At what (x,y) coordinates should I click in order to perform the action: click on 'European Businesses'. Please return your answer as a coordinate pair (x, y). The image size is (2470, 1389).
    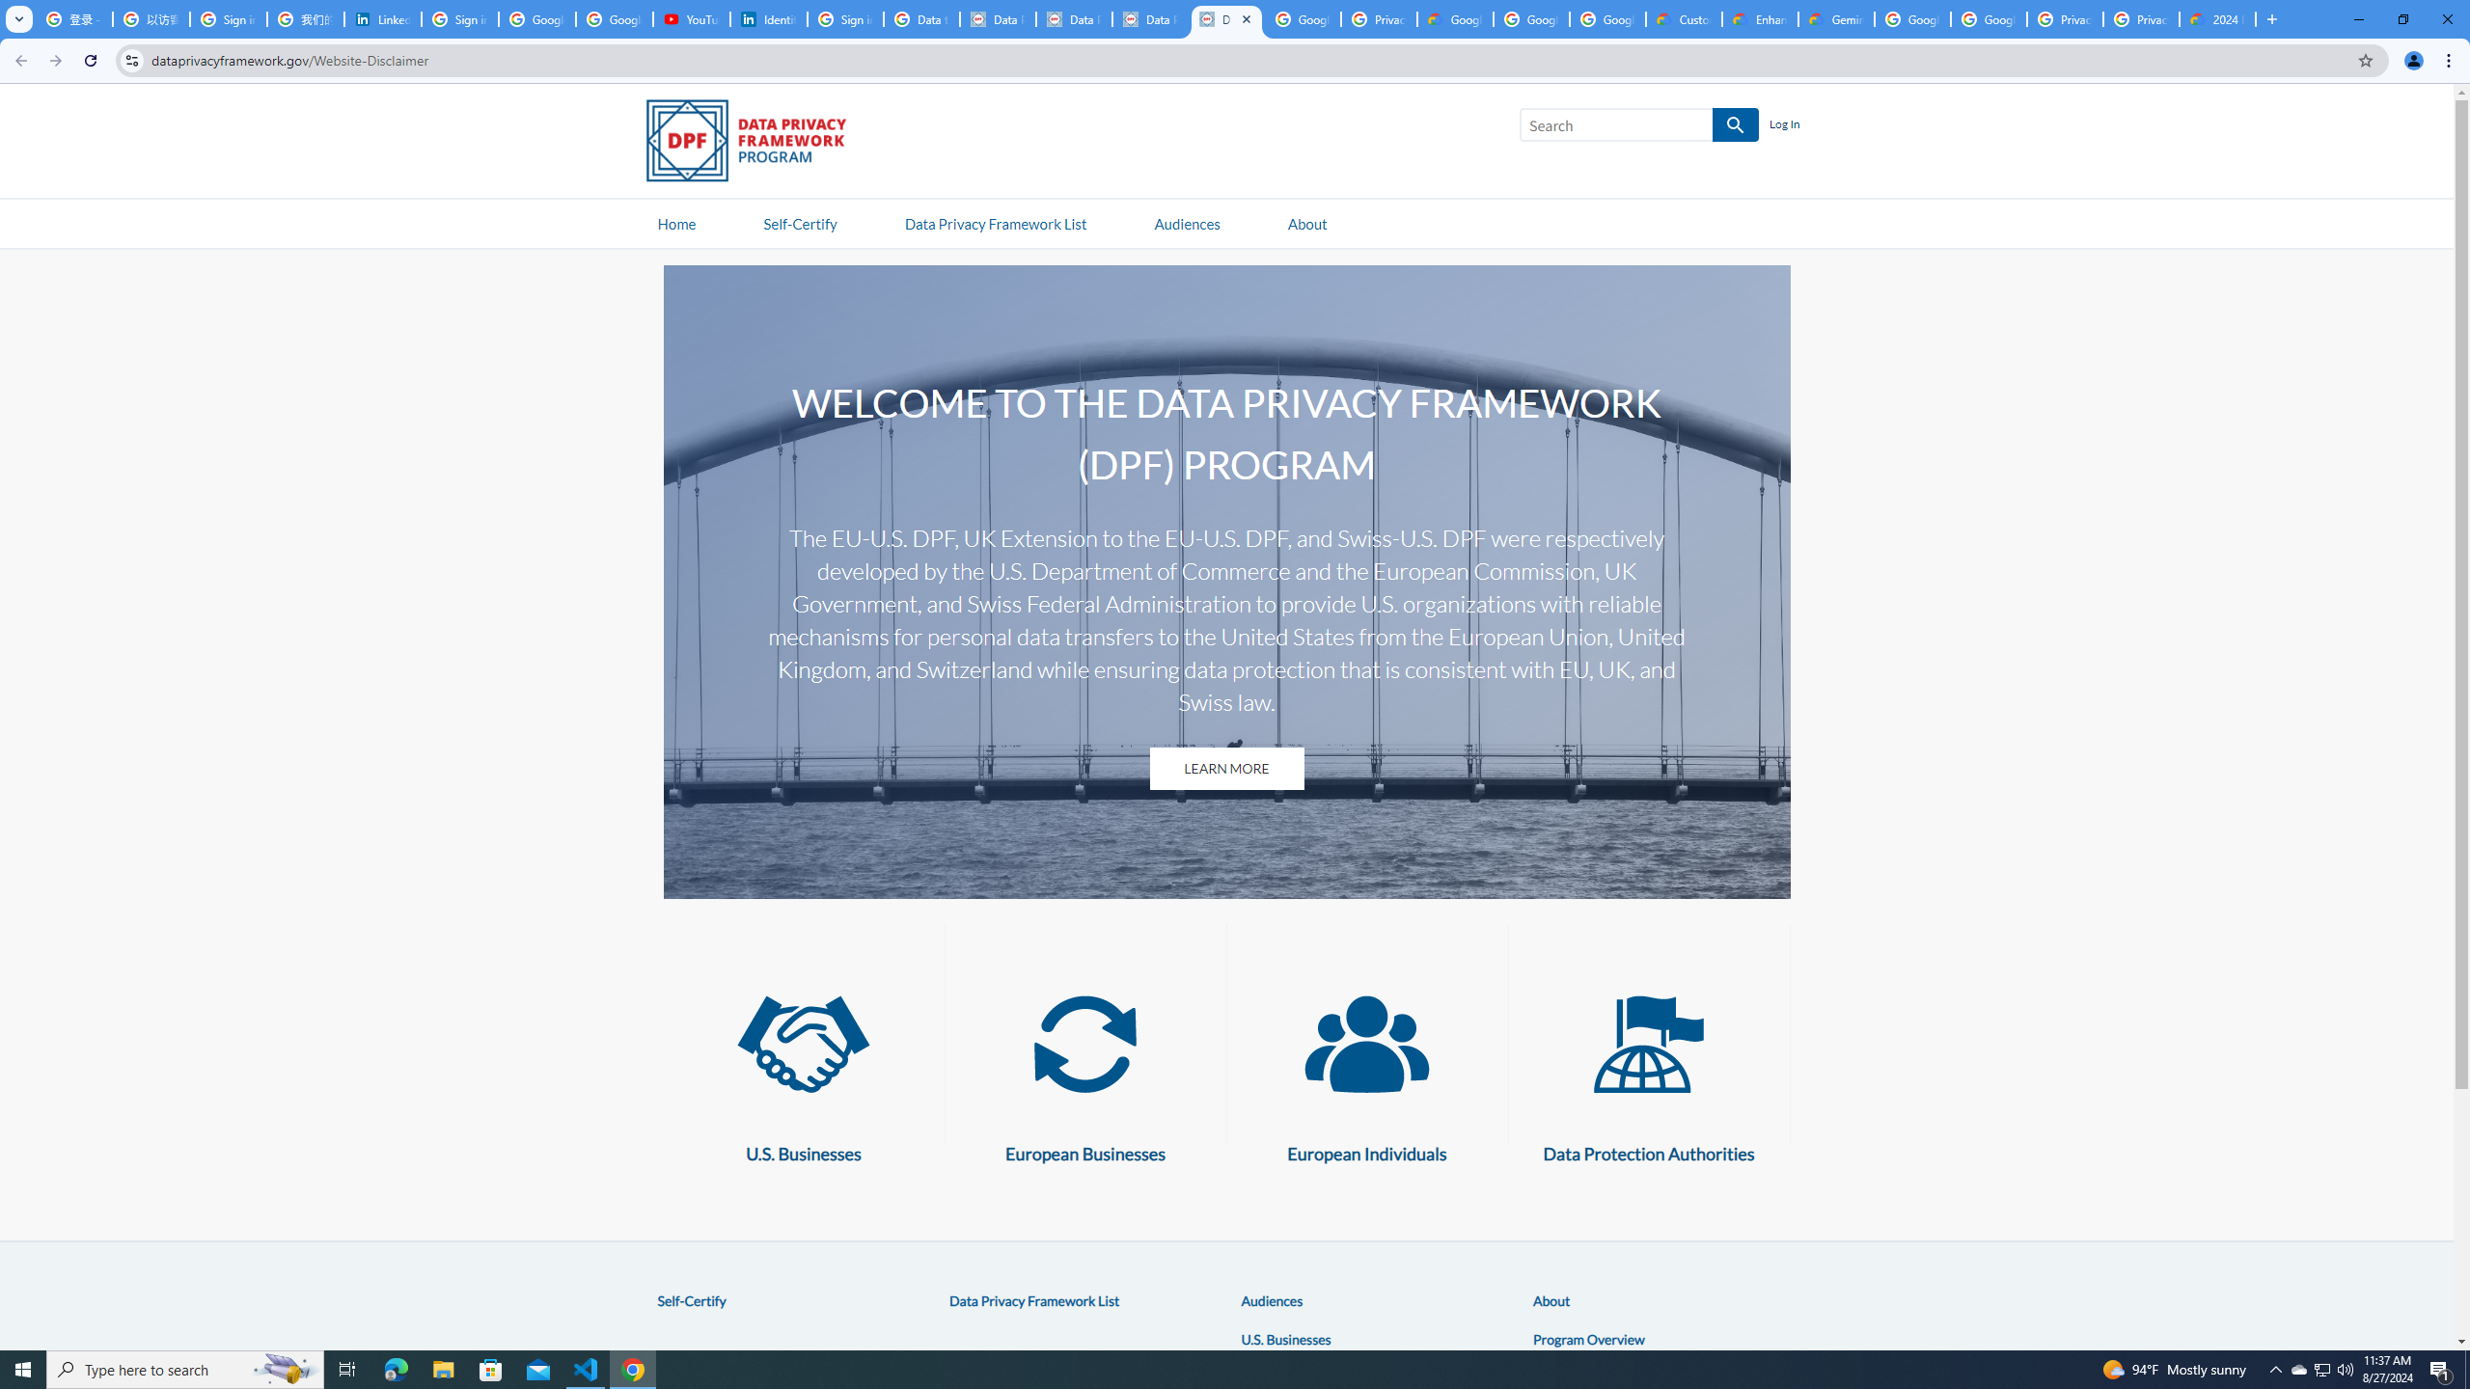
    Looking at the image, I should click on (1085, 1043).